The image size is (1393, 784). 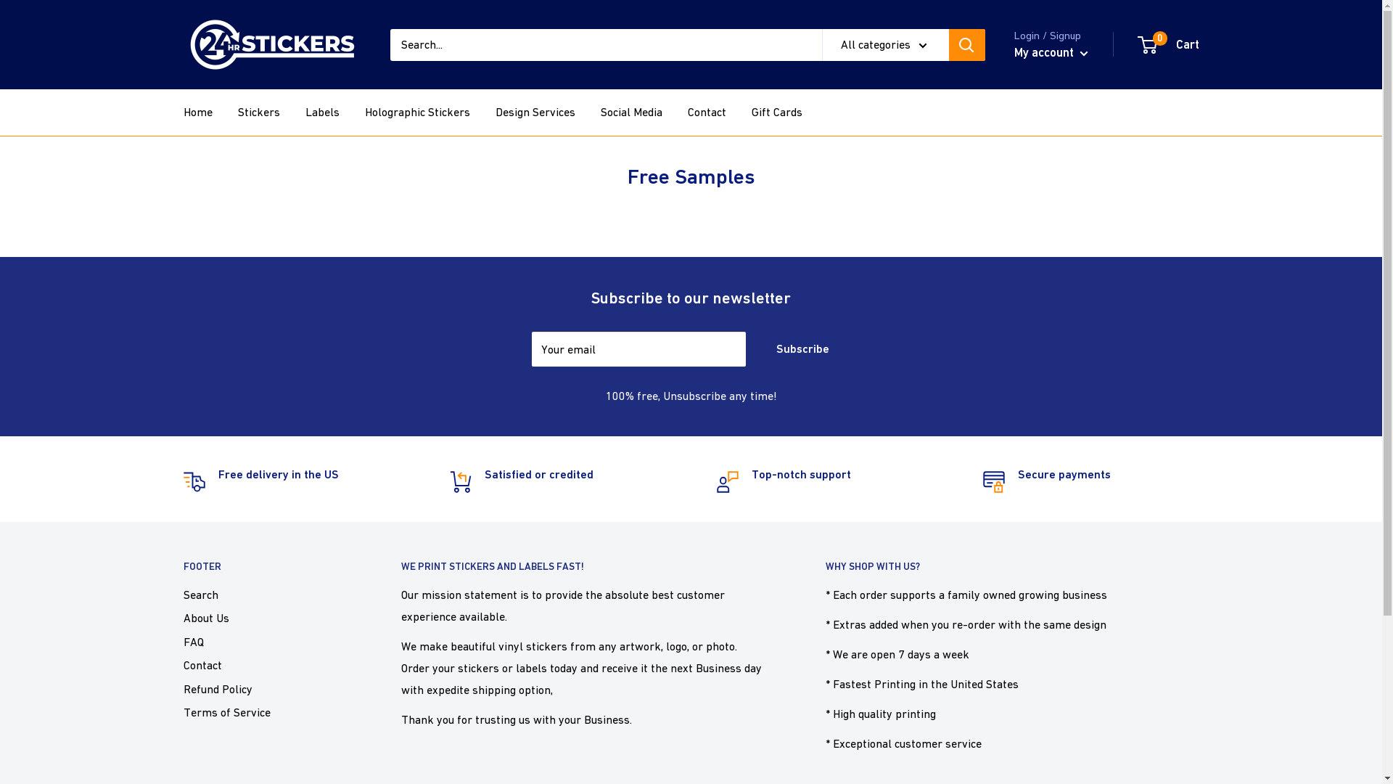 I want to click on 'Design Services', so click(x=534, y=111).